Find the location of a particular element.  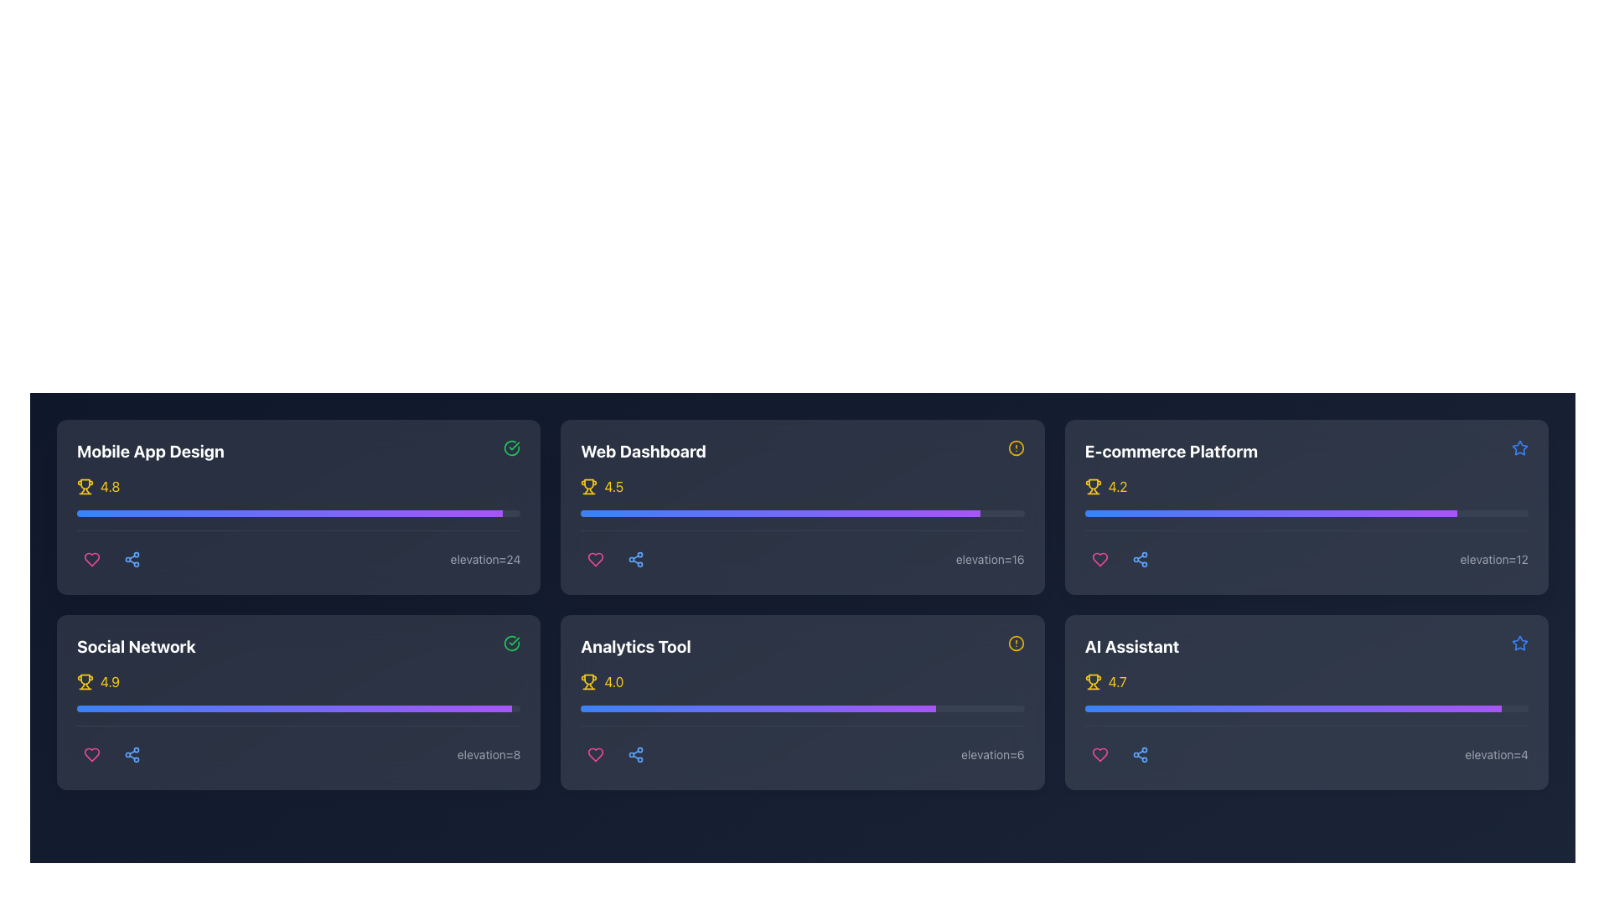

the yellow circular border of the alert icon located in the top-right corner of the 'Web Dashboard' card is located at coordinates (1015, 447).